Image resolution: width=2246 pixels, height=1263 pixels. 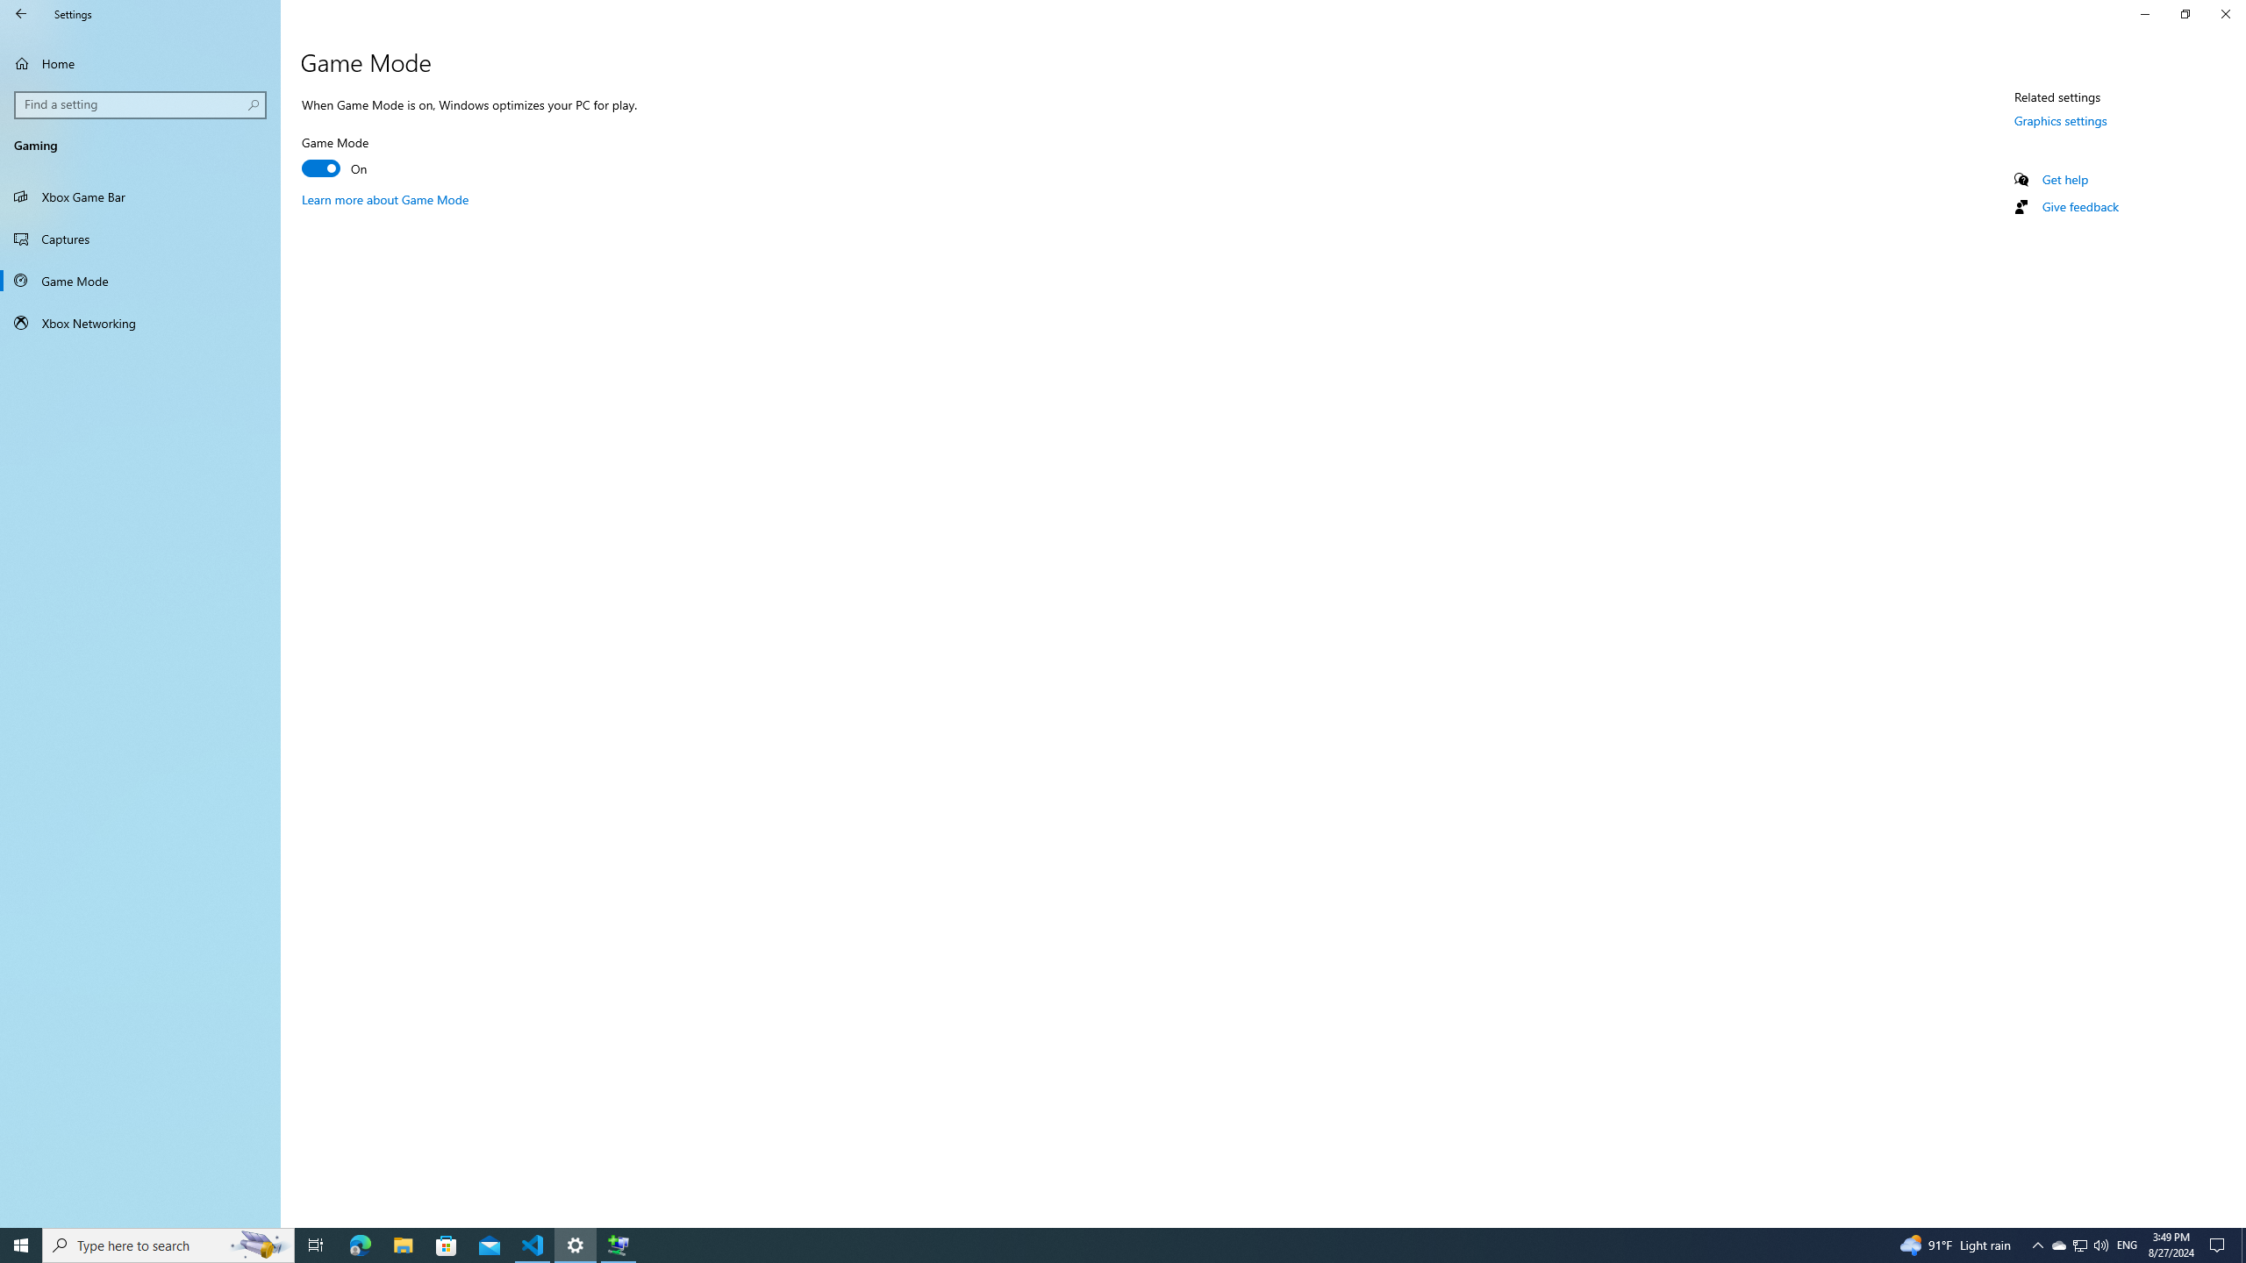 I want to click on 'Search box, Find a setting', so click(x=140, y=103).